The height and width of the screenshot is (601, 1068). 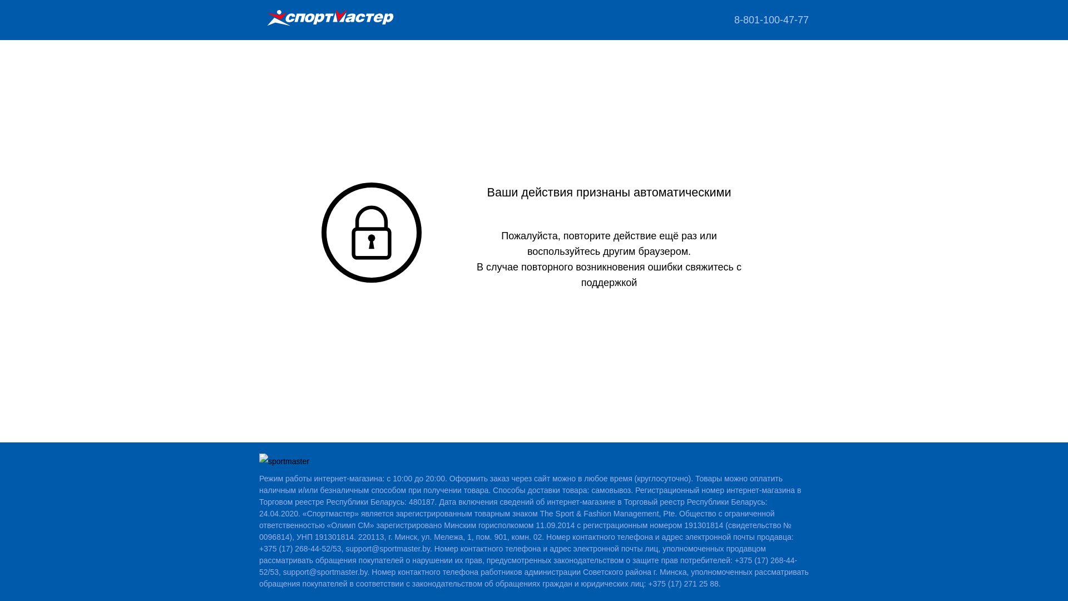 What do you see at coordinates (771, 19) in the screenshot?
I see `'8-801-100-47-77'` at bounding box center [771, 19].